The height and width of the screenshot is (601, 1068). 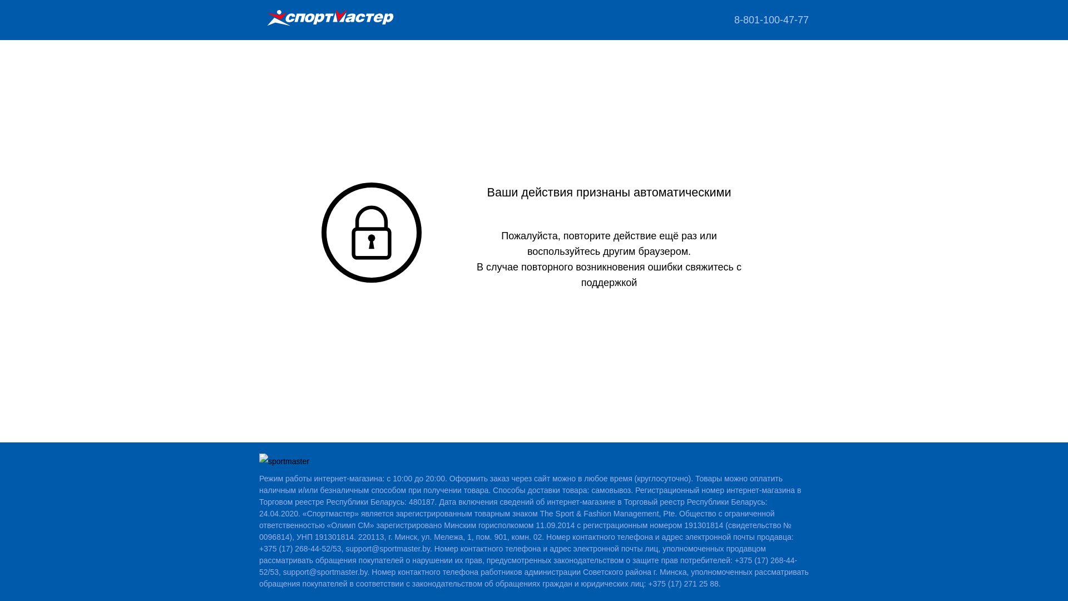 What do you see at coordinates (771, 19) in the screenshot?
I see `'8-801-100-47-77'` at bounding box center [771, 19].